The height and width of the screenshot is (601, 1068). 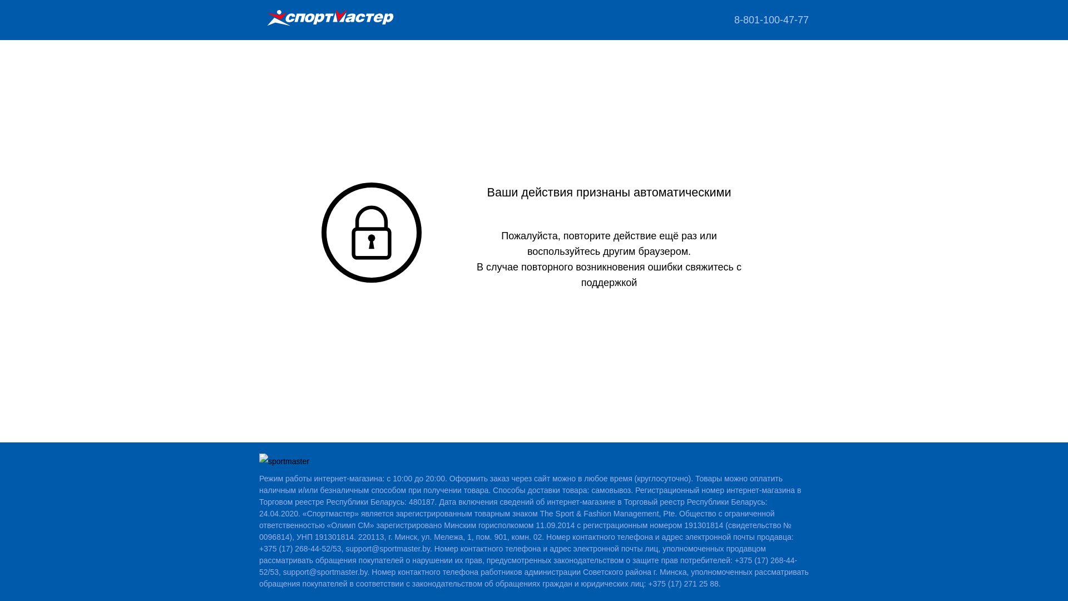 What do you see at coordinates (771, 19) in the screenshot?
I see `'8-801-100-47-77'` at bounding box center [771, 19].